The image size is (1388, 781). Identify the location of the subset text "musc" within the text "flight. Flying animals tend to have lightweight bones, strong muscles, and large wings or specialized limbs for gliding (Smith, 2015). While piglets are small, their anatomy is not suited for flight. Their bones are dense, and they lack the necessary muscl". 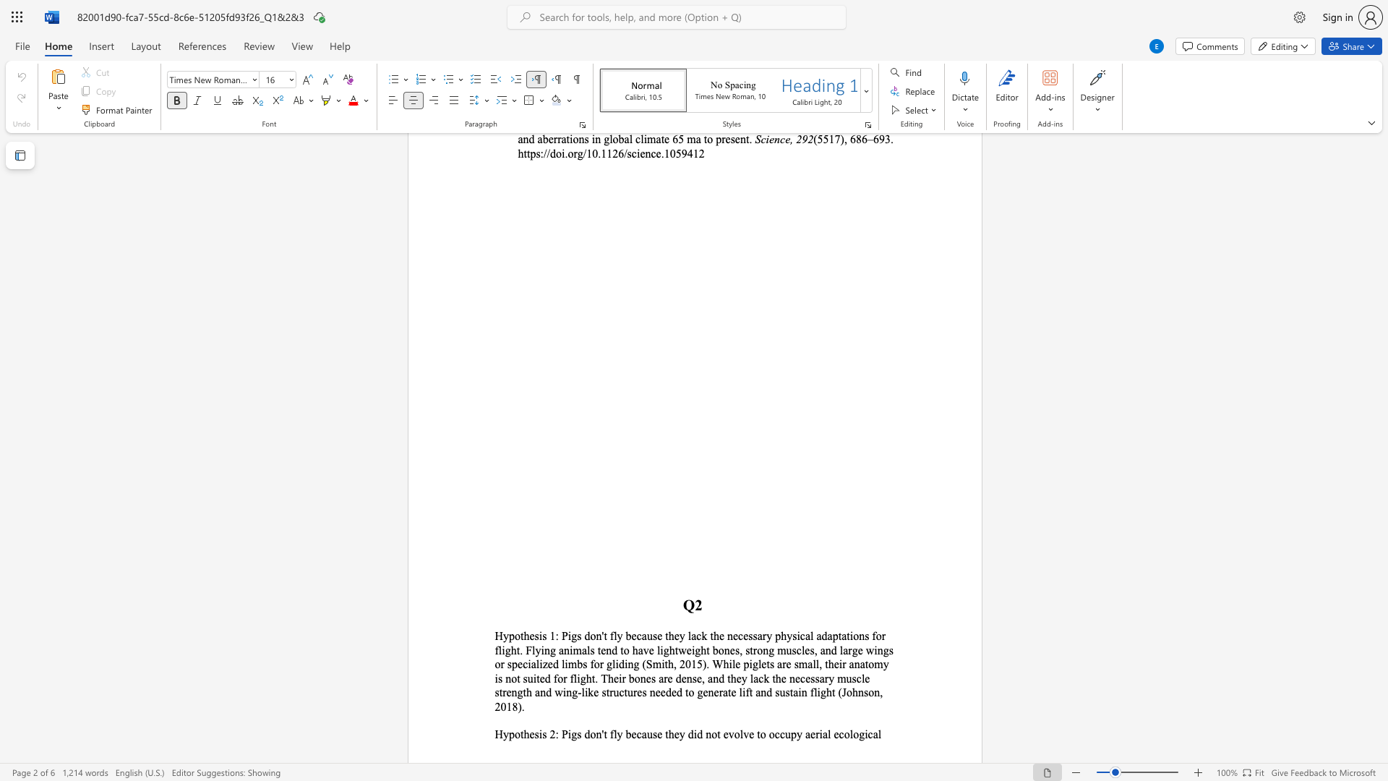
(837, 678).